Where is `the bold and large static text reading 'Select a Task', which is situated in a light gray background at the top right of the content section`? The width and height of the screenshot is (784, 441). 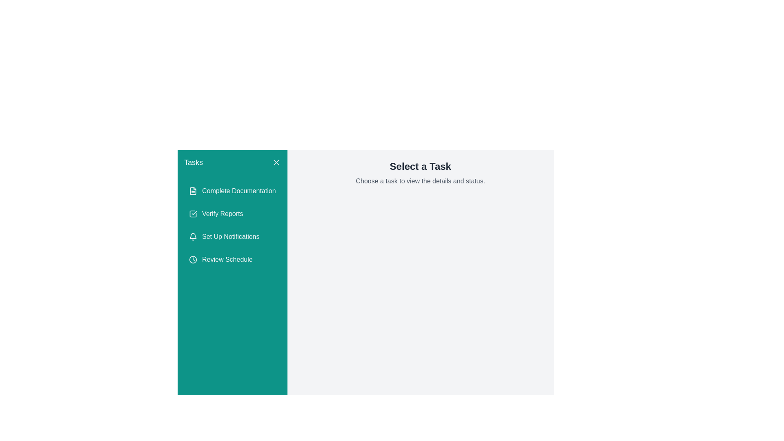 the bold and large static text reading 'Select a Task', which is situated in a light gray background at the top right of the content section is located at coordinates (420, 166).